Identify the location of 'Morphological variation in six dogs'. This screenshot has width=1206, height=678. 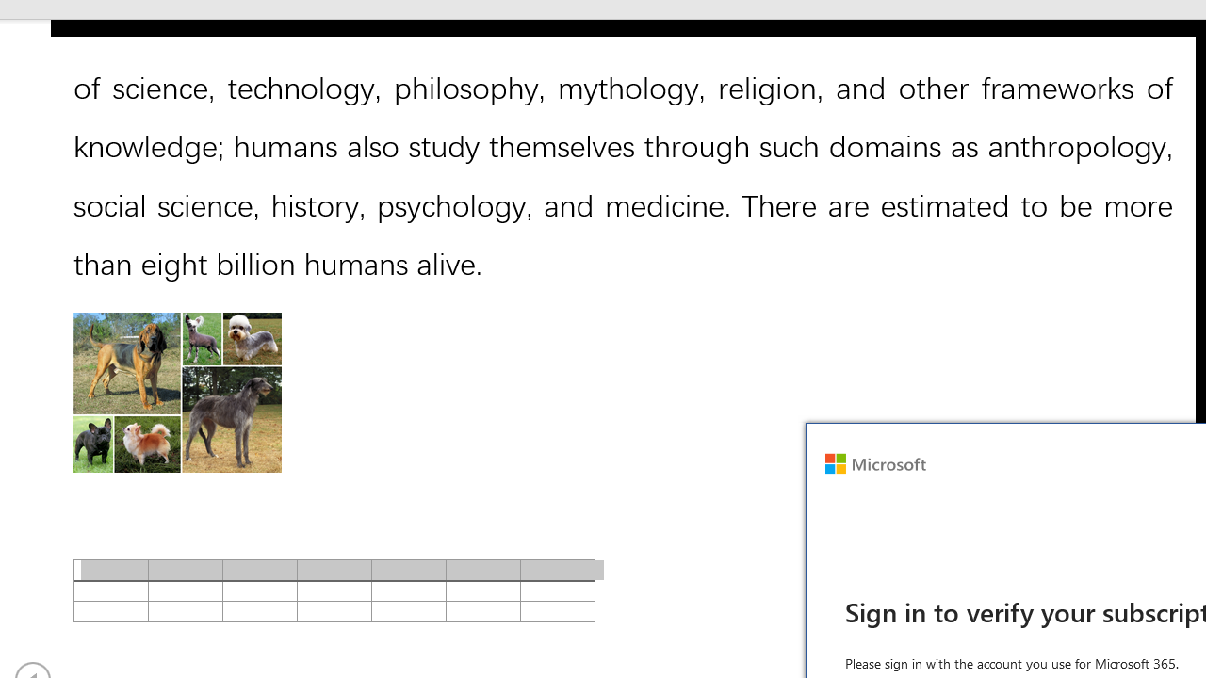
(177, 391).